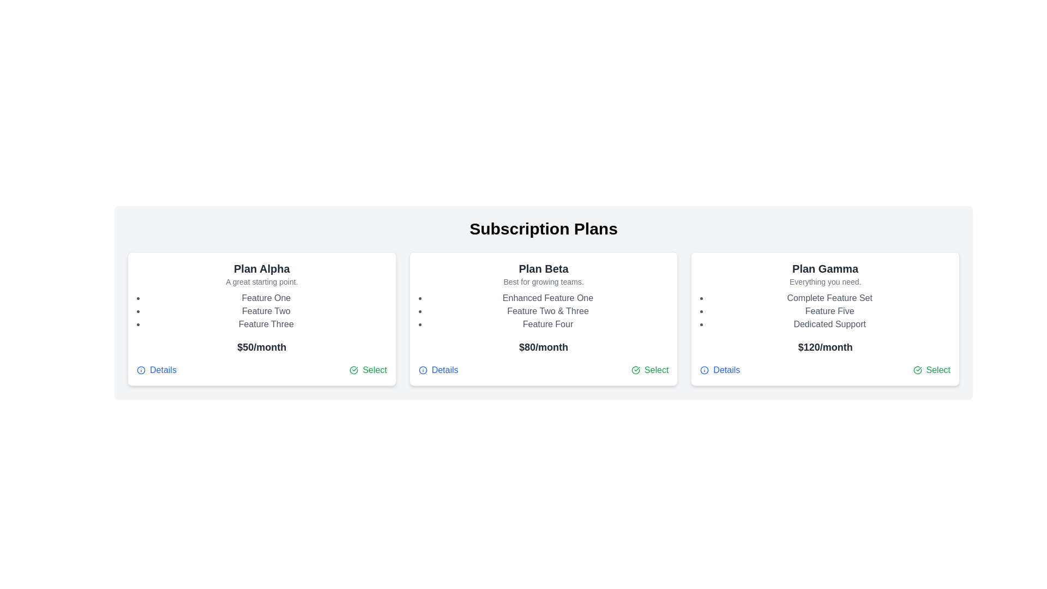  What do you see at coordinates (156, 369) in the screenshot?
I see `the interactive link located in the bottom-left corner of the 'Plan Alpha' subscription card` at bounding box center [156, 369].